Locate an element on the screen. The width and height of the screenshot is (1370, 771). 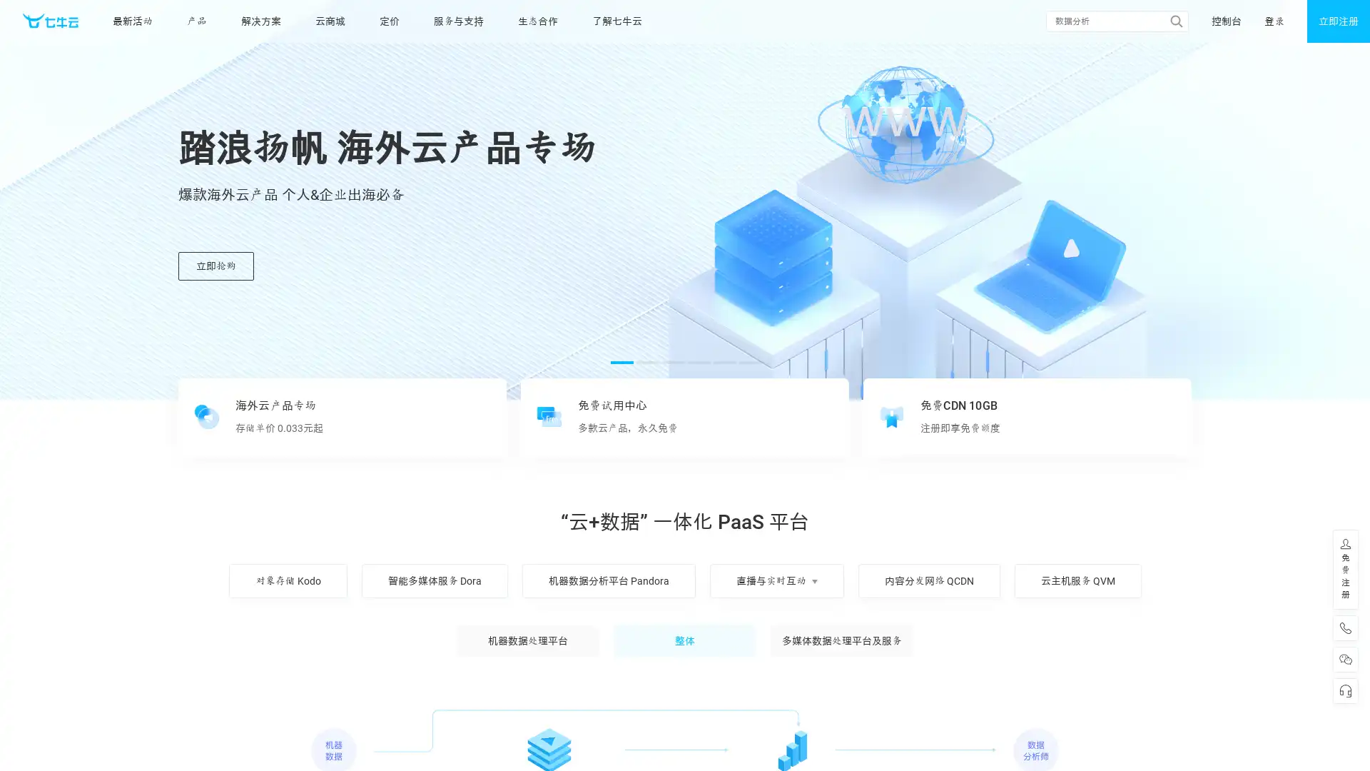
3 is located at coordinates (673, 362).